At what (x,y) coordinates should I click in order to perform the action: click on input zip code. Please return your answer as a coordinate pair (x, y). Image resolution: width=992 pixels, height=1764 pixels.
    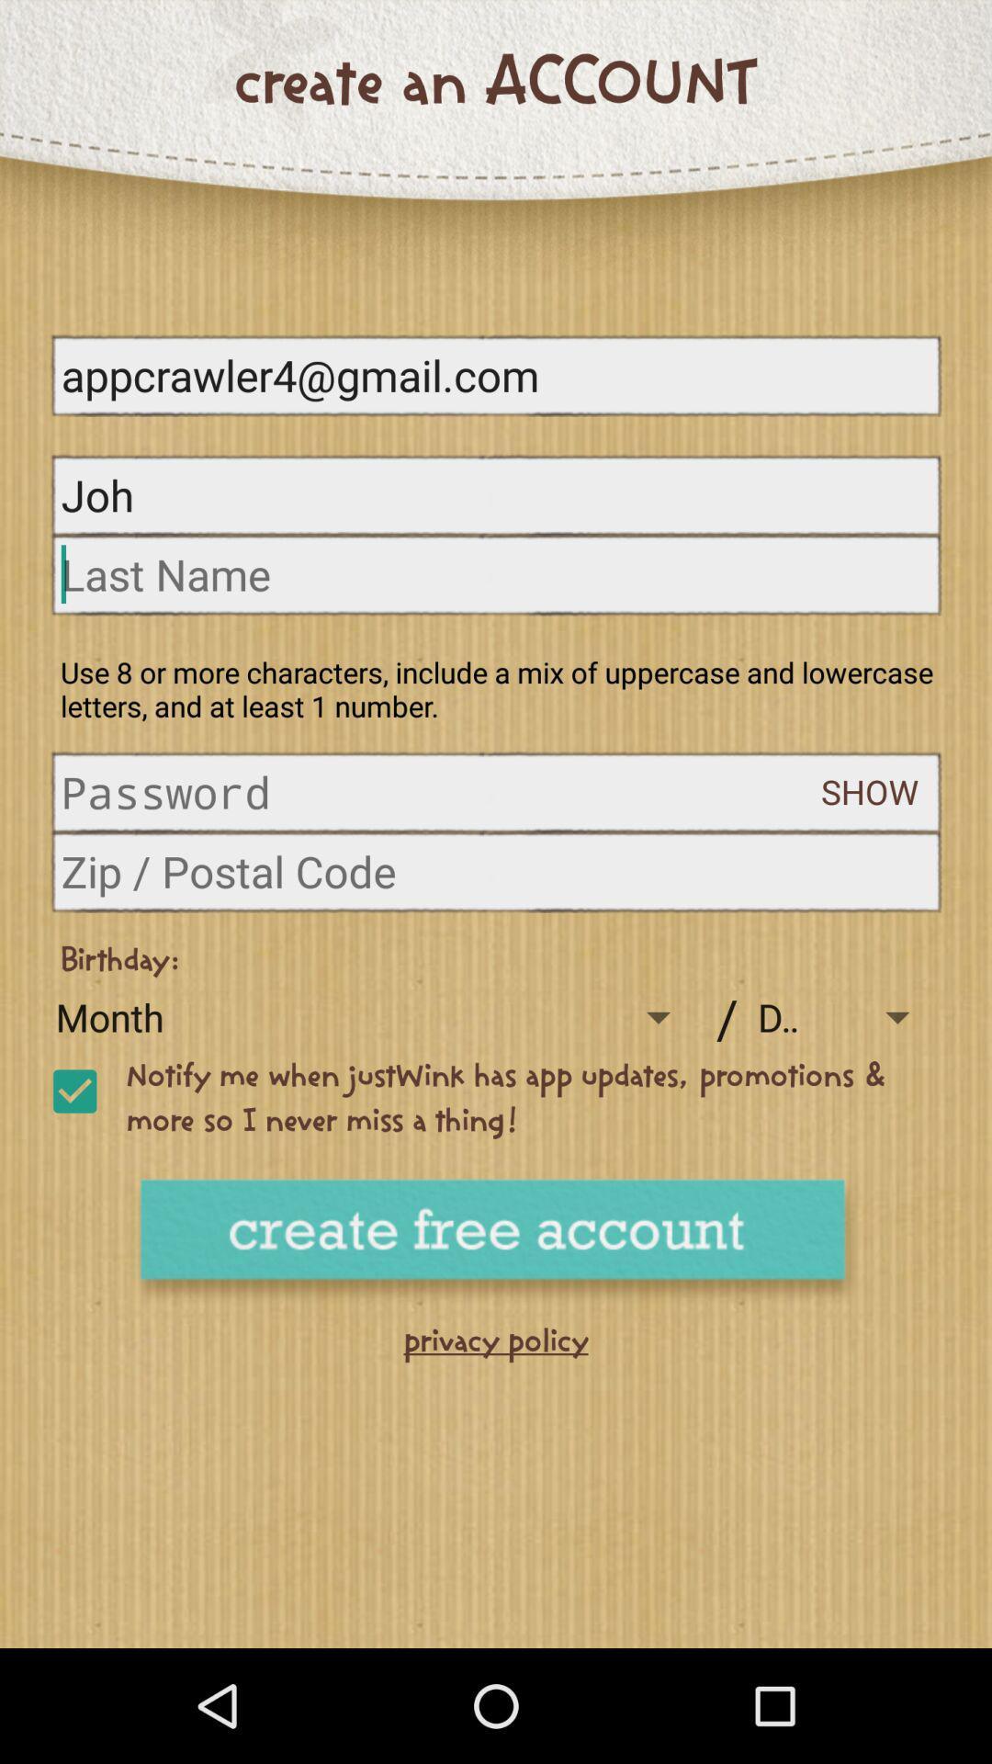
    Looking at the image, I should click on (496, 870).